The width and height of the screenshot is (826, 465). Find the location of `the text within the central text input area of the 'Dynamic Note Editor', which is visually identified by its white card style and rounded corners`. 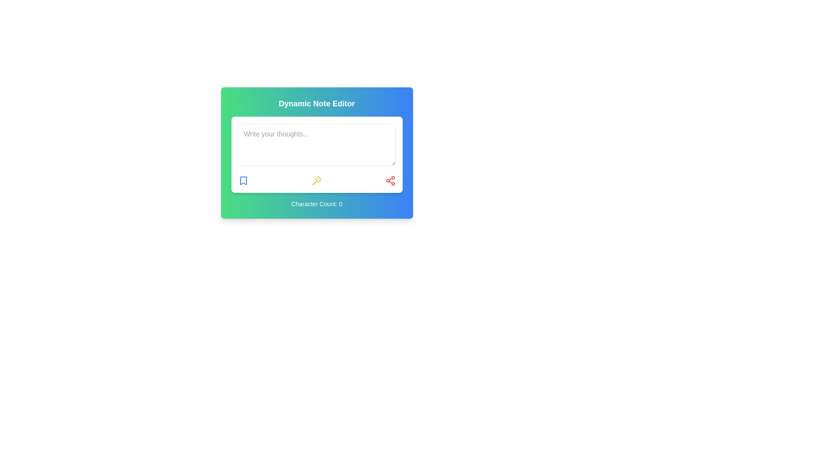

the text within the central text input area of the 'Dynamic Note Editor', which is visually identified by its white card style and rounded corners is located at coordinates (316, 144).